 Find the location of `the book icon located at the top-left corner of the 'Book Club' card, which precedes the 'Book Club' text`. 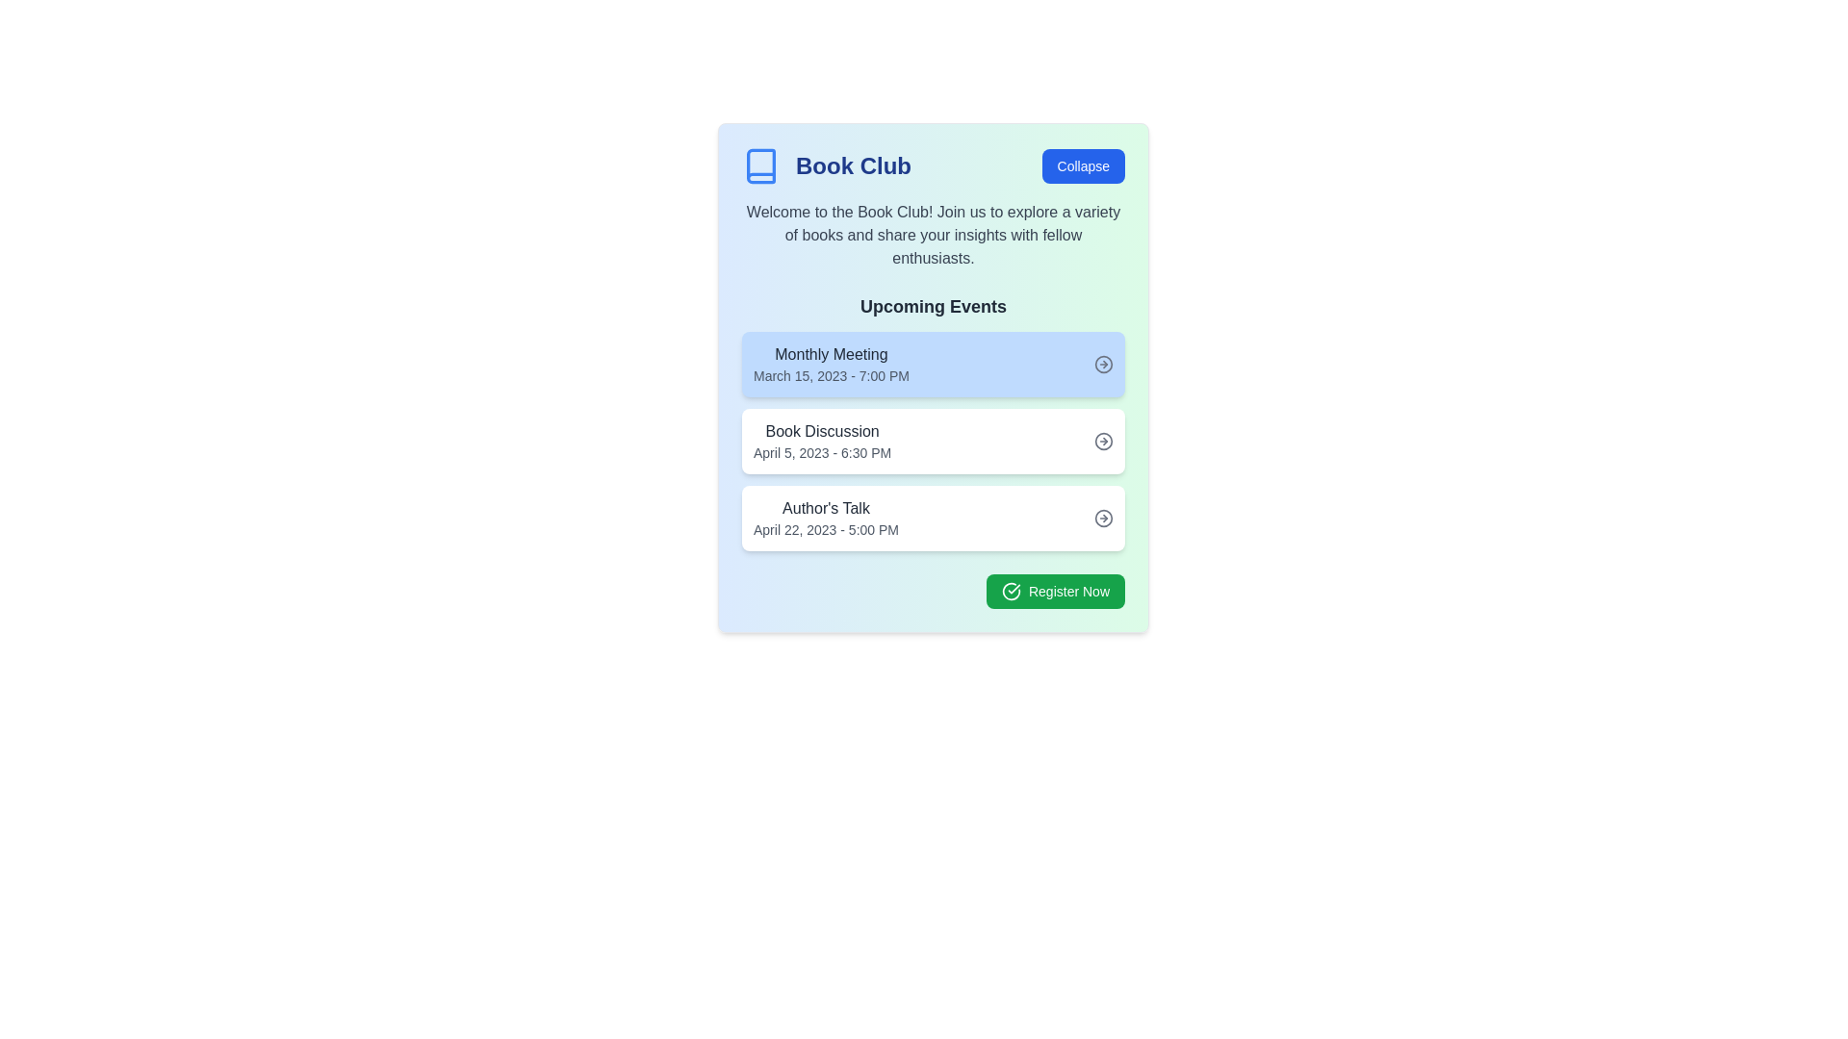

the book icon located at the top-left corner of the 'Book Club' card, which precedes the 'Book Club' text is located at coordinates (760, 165).